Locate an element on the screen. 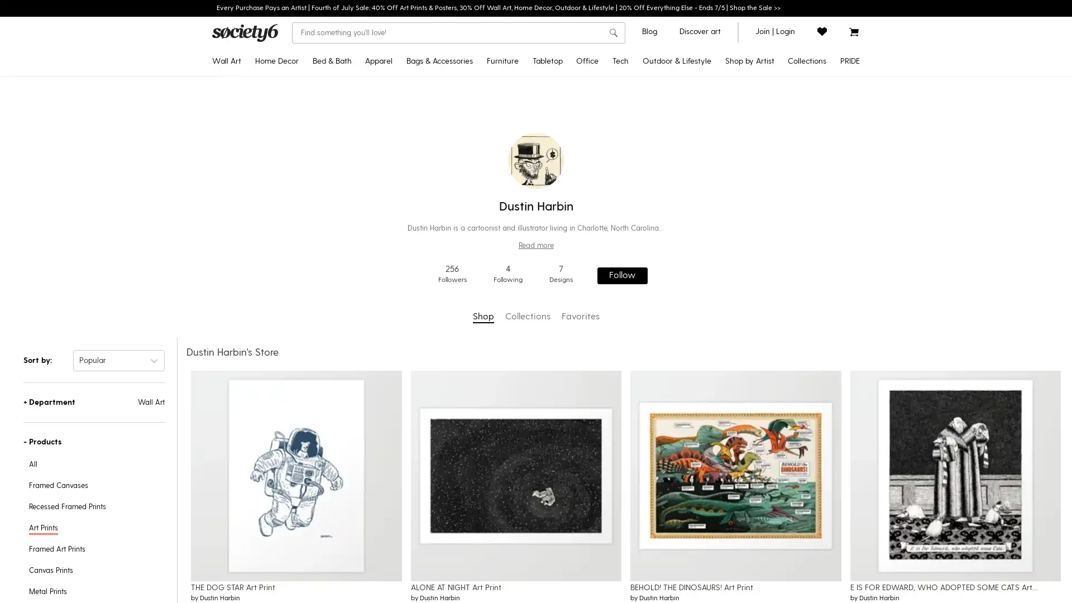  Pattern Play is located at coordinates (765, 252).